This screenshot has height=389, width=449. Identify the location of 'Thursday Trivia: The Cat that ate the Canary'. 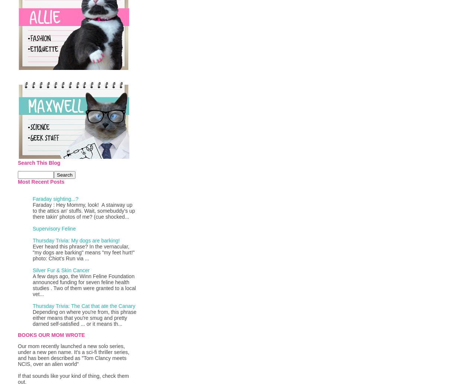
(84, 306).